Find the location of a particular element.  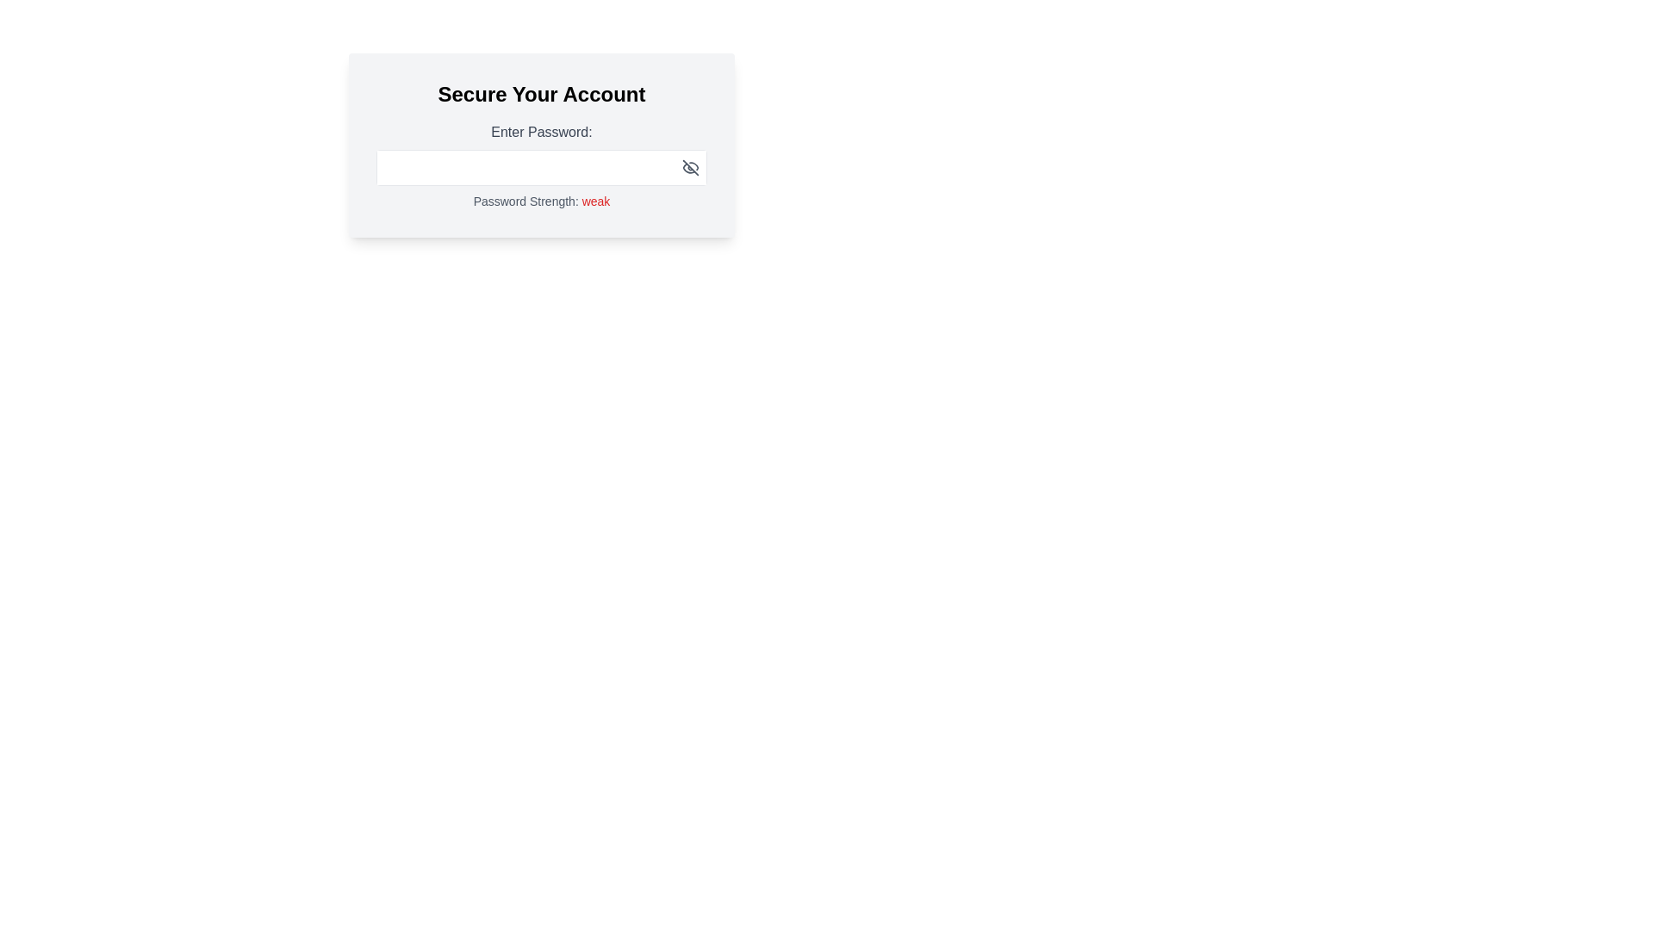

password strength indicated by the text label displaying 'weak' in red color, located below the password input field in the vertically oriented form interface is located at coordinates (595, 201).